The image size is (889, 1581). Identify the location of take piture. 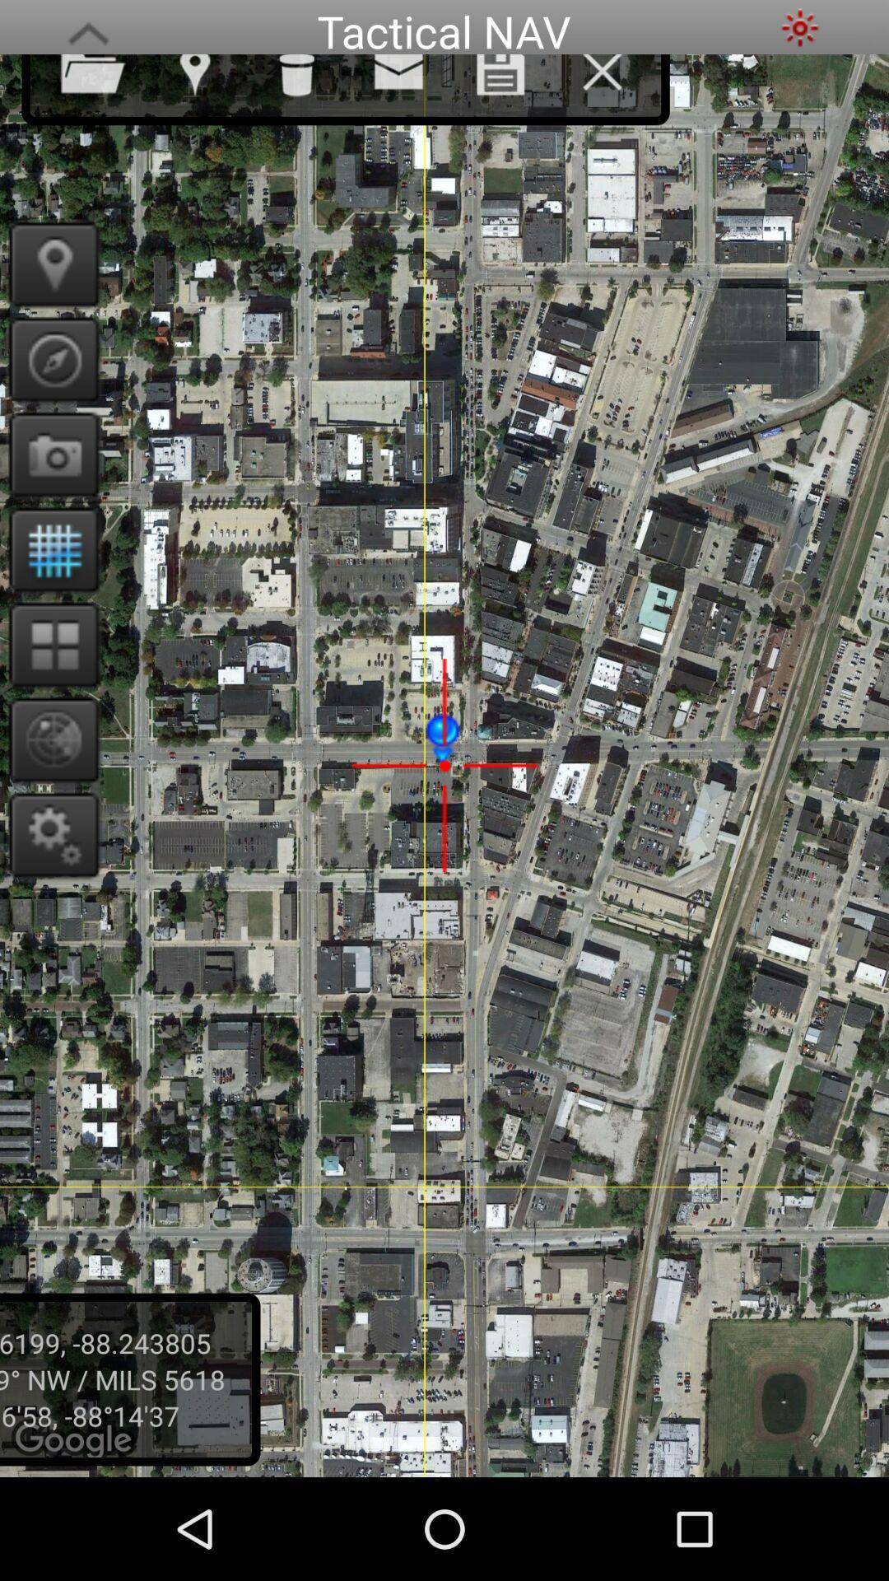
(48, 455).